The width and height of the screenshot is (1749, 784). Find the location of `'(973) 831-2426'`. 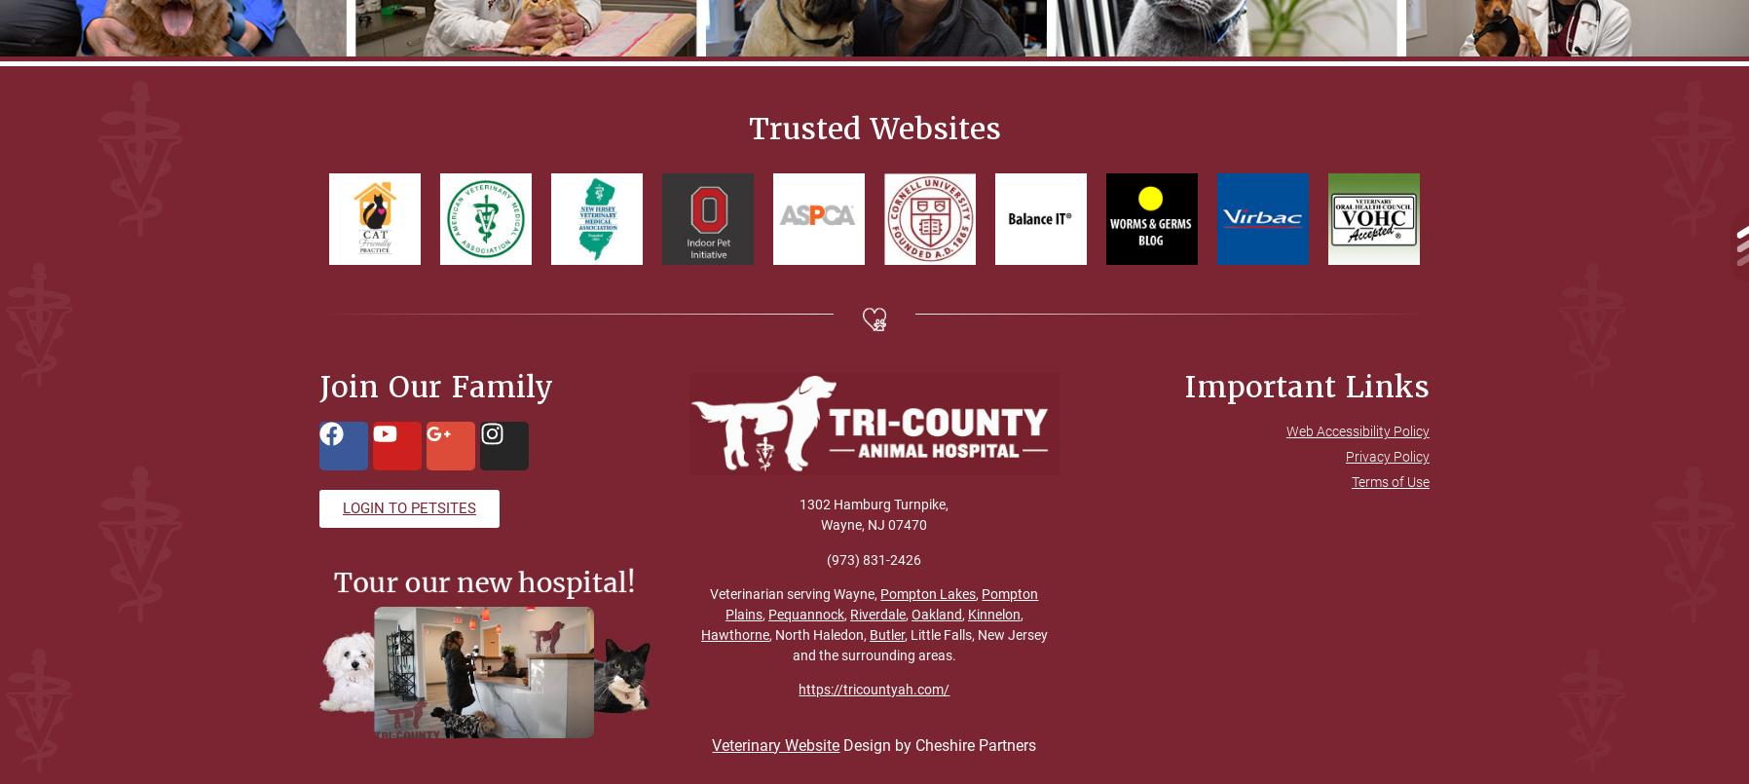

'(973) 831-2426' is located at coordinates (874, 557).